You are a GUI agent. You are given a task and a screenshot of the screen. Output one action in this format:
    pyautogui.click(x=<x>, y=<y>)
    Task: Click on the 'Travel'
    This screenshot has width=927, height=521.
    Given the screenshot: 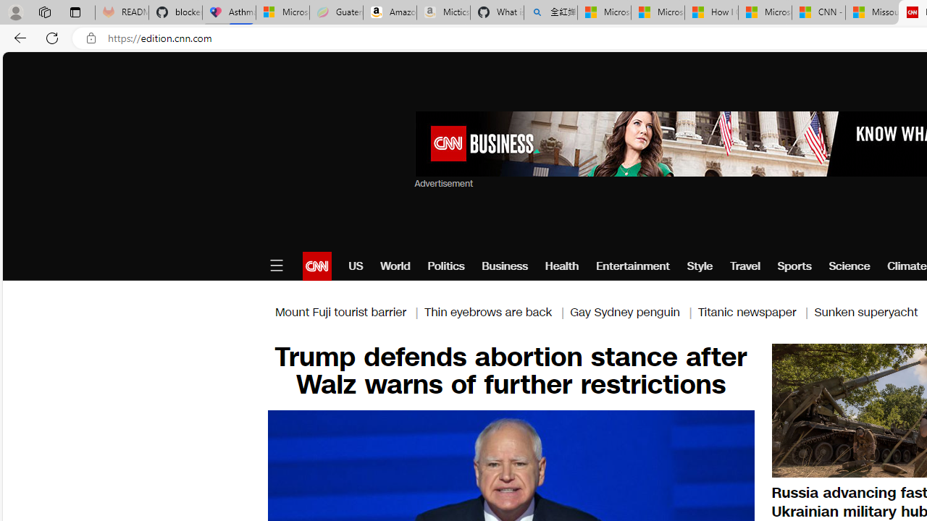 What is the action you would take?
    pyautogui.click(x=745, y=266)
    